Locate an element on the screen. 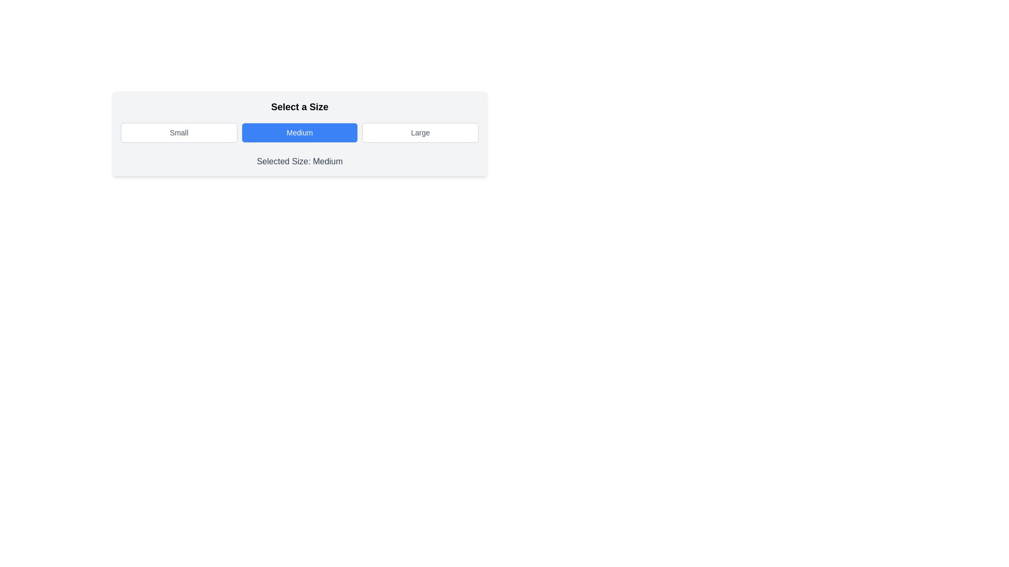 This screenshot has width=1009, height=567. the Segmented Button Group that allows users to select a size option (Small, Medium, or Large) is located at coordinates (299, 132).